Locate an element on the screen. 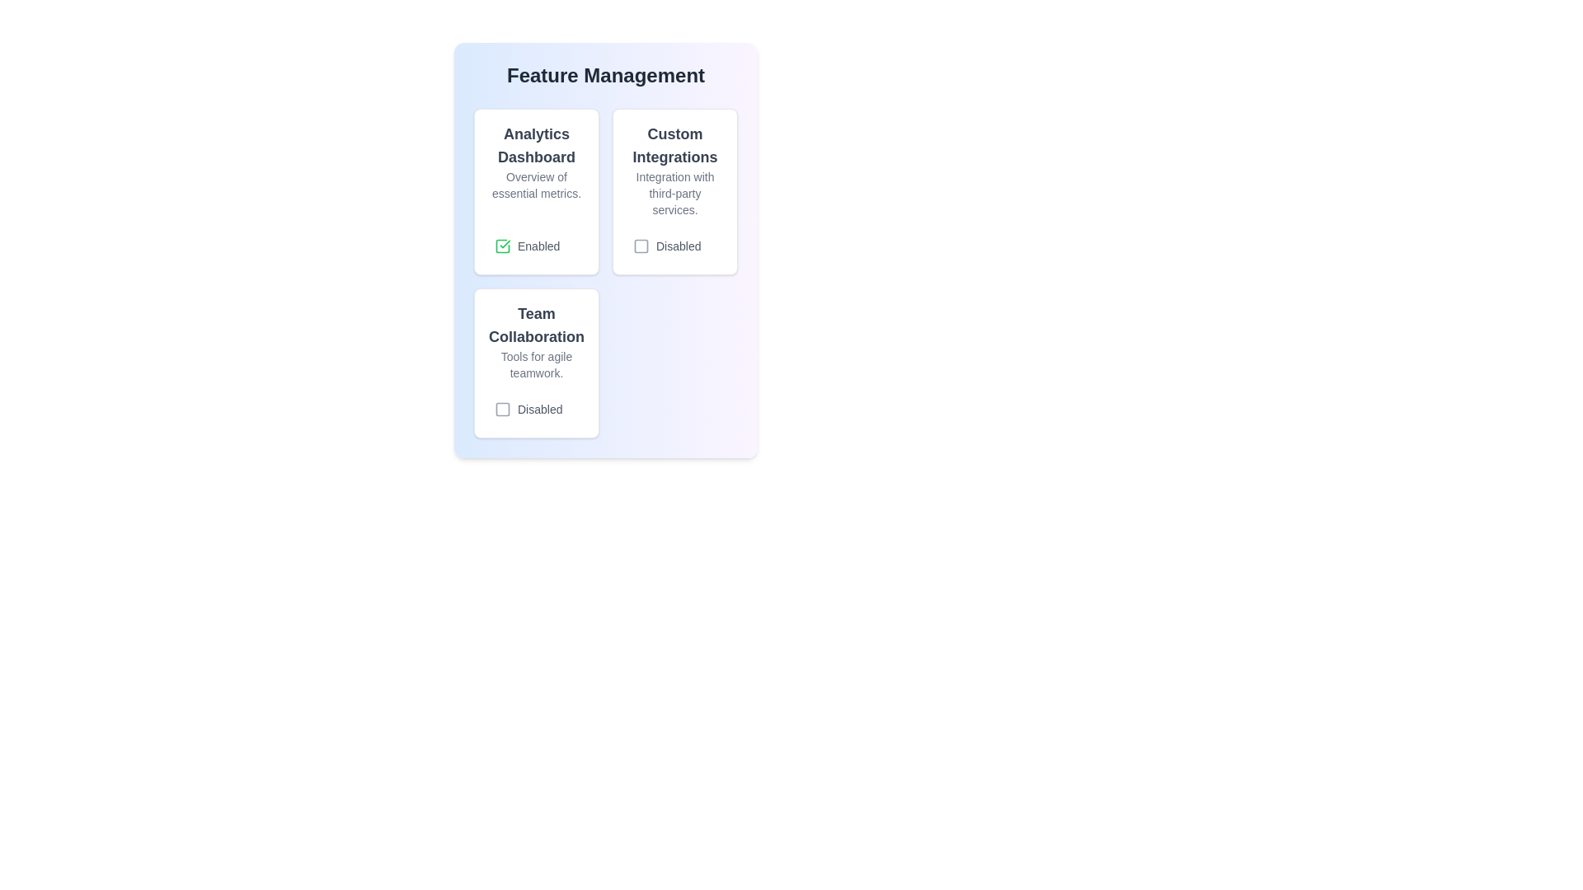 The image size is (1583, 890). the text label that reads 'Integration with third-party services.', which is styled in a smaller gray font and located below the heading 'Custom Integrations' is located at coordinates (675, 193).